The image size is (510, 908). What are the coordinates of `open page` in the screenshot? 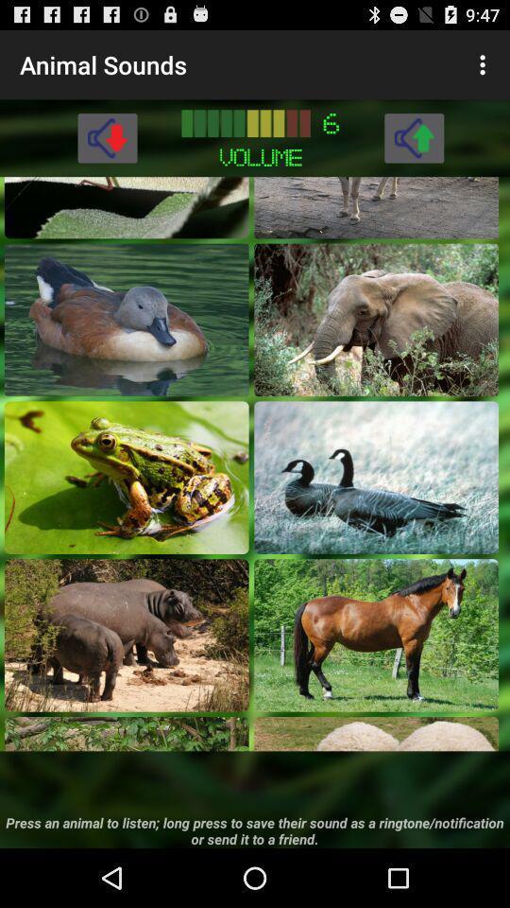 It's located at (127, 320).